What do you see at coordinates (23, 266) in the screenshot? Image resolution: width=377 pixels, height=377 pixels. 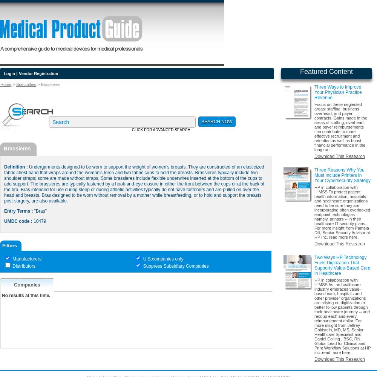 I see `'Distributors'` at bounding box center [23, 266].